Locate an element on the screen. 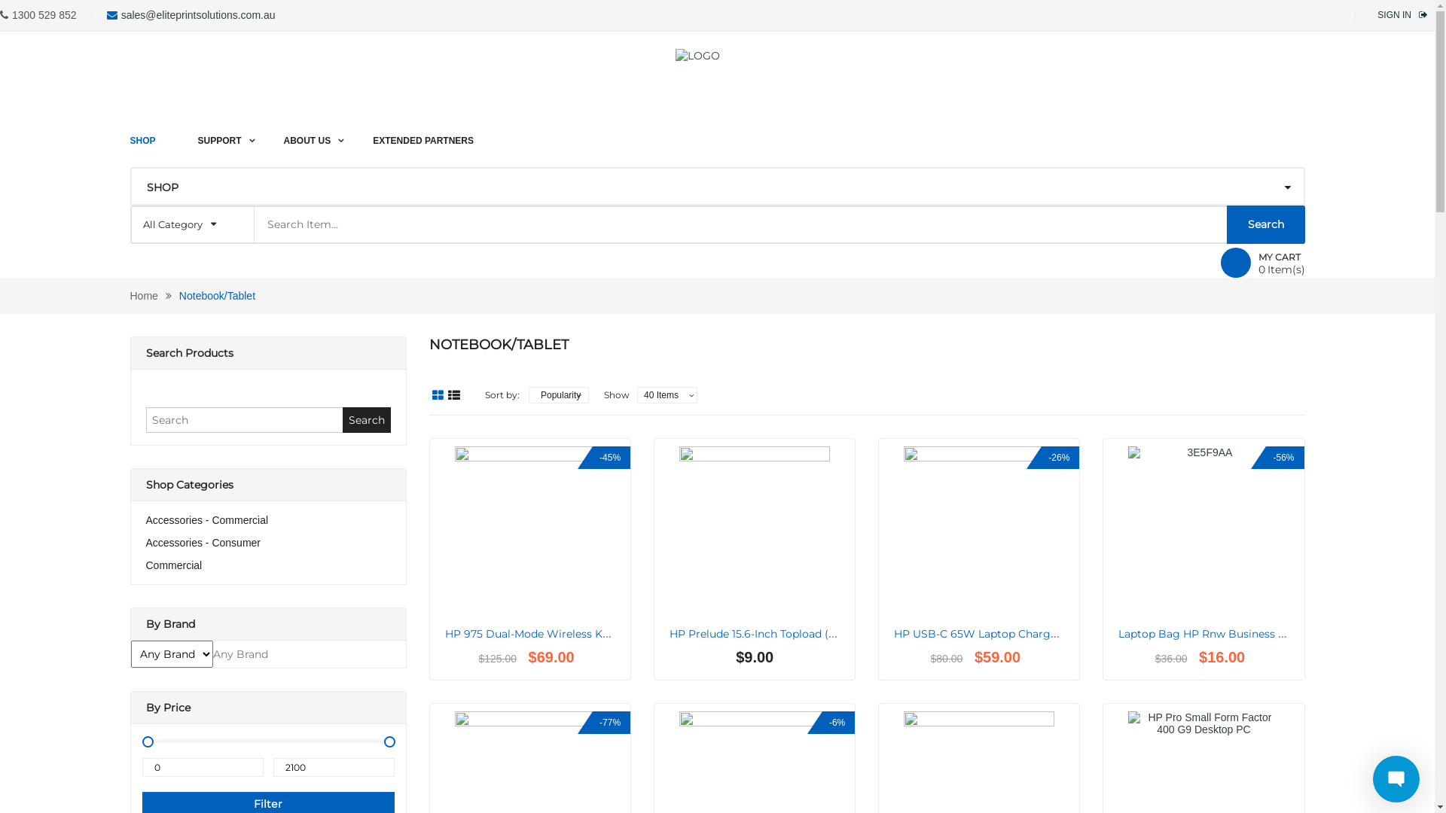 This screenshot has height=813, width=1446. 'Search' is located at coordinates (1265, 224).